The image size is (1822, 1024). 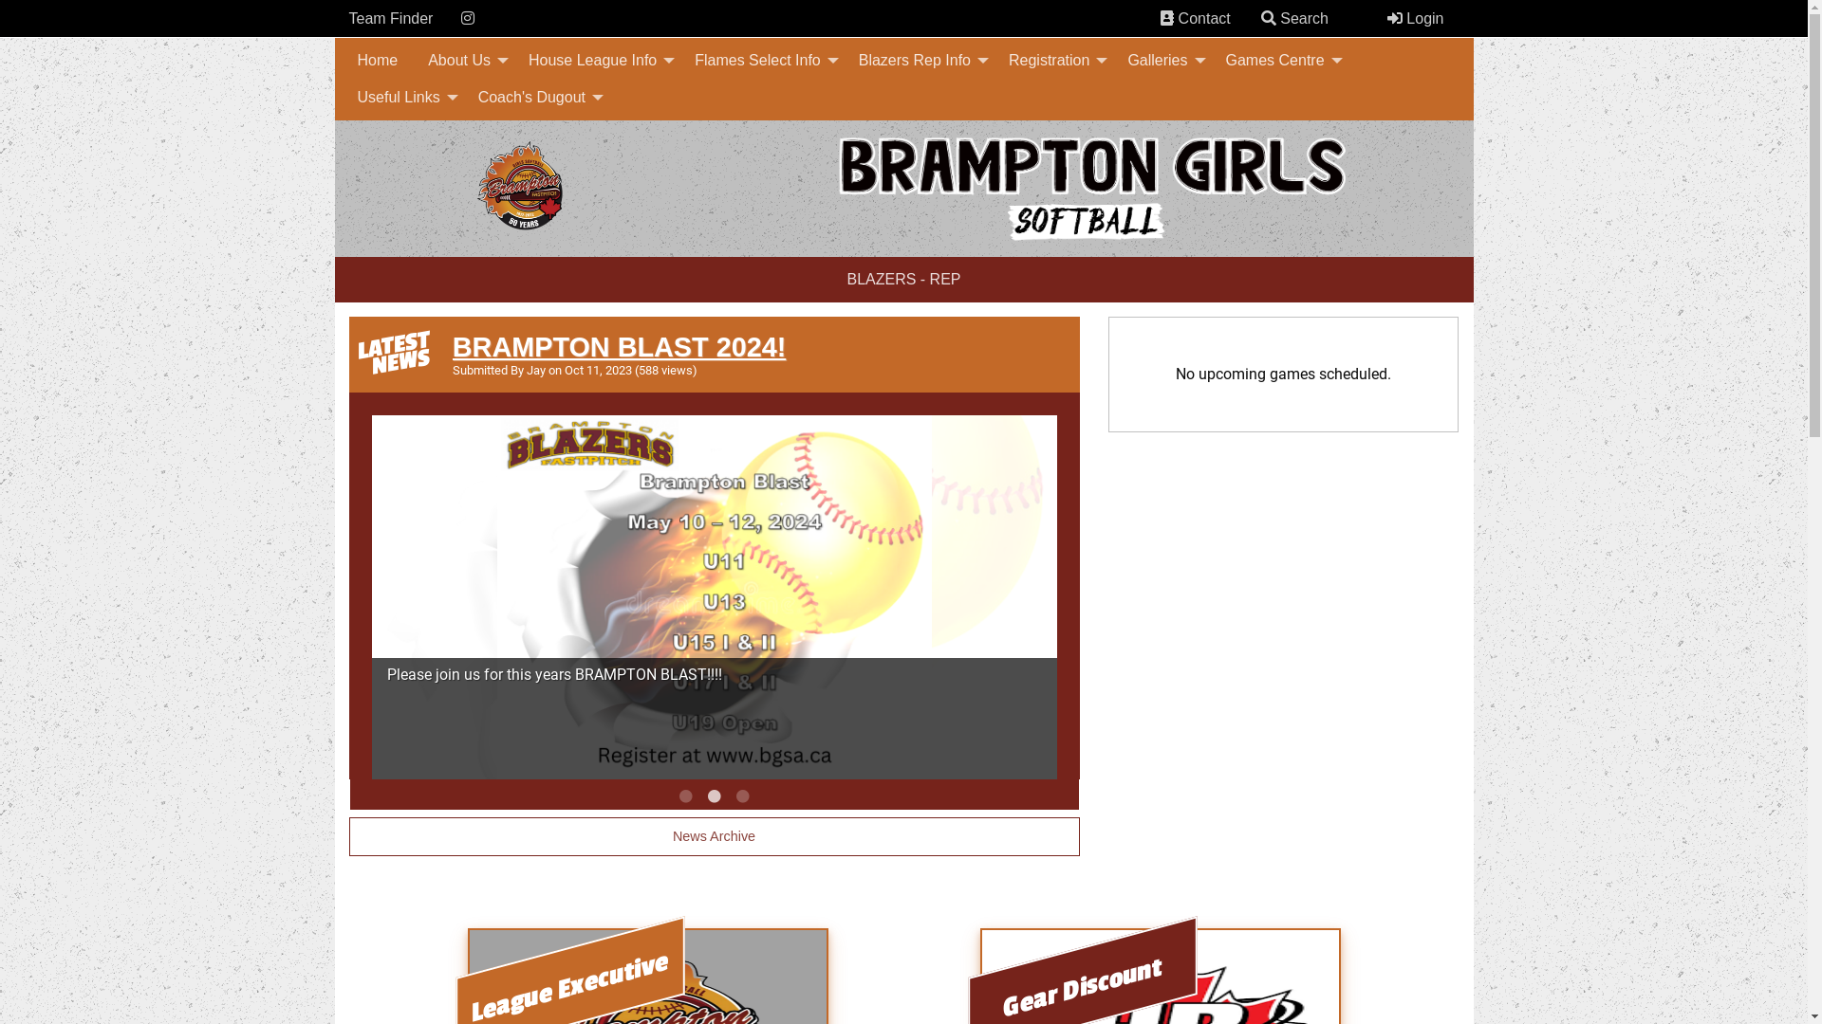 I want to click on '3', so click(x=732, y=796).